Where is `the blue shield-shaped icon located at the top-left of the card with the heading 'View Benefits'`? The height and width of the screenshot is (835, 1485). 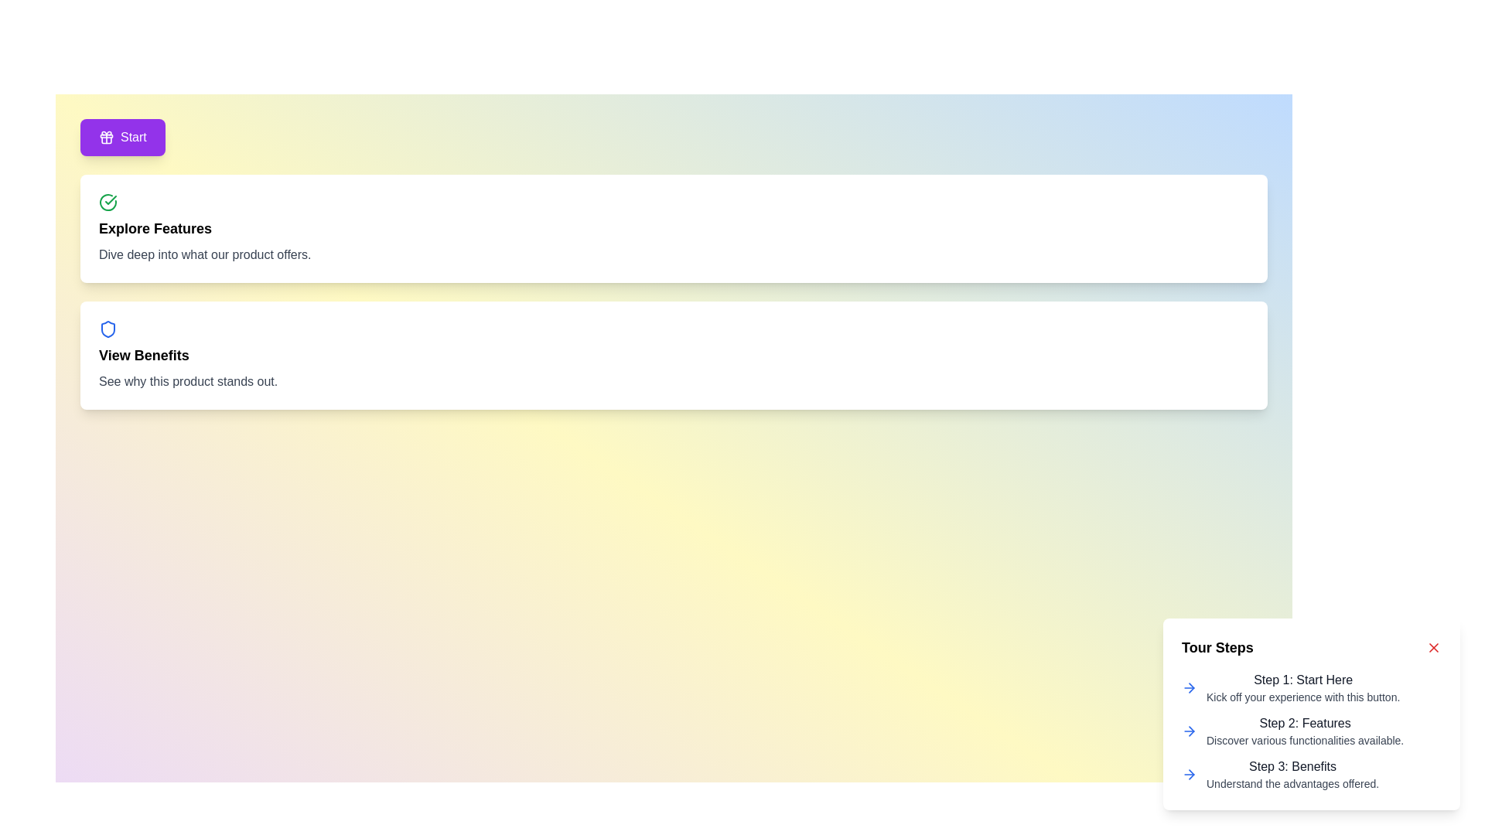 the blue shield-shaped icon located at the top-left of the card with the heading 'View Benefits' is located at coordinates (107, 328).